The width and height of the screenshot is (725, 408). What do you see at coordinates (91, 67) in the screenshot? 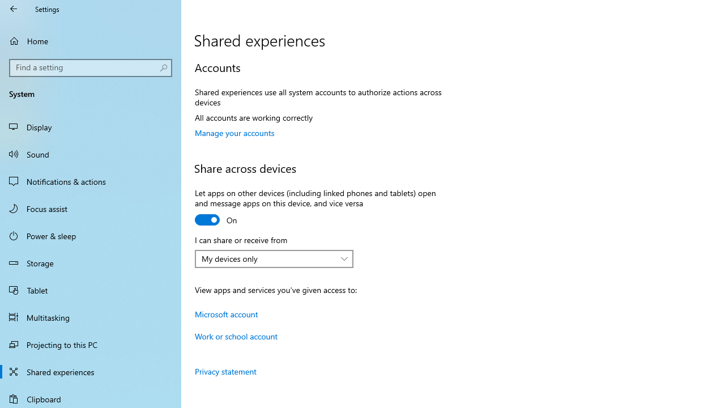
I see `'Search box, Find a setting'` at bounding box center [91, 67].